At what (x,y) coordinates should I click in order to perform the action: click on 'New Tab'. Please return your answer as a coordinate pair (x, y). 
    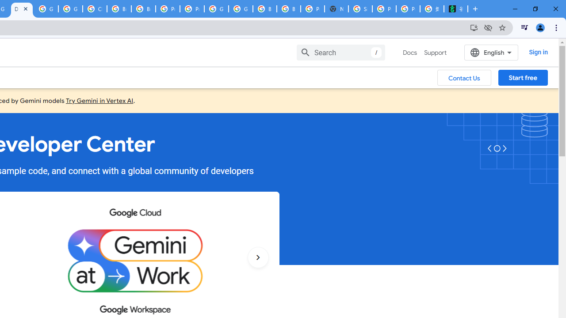
    Looking at the image, I should click on (336, 9).